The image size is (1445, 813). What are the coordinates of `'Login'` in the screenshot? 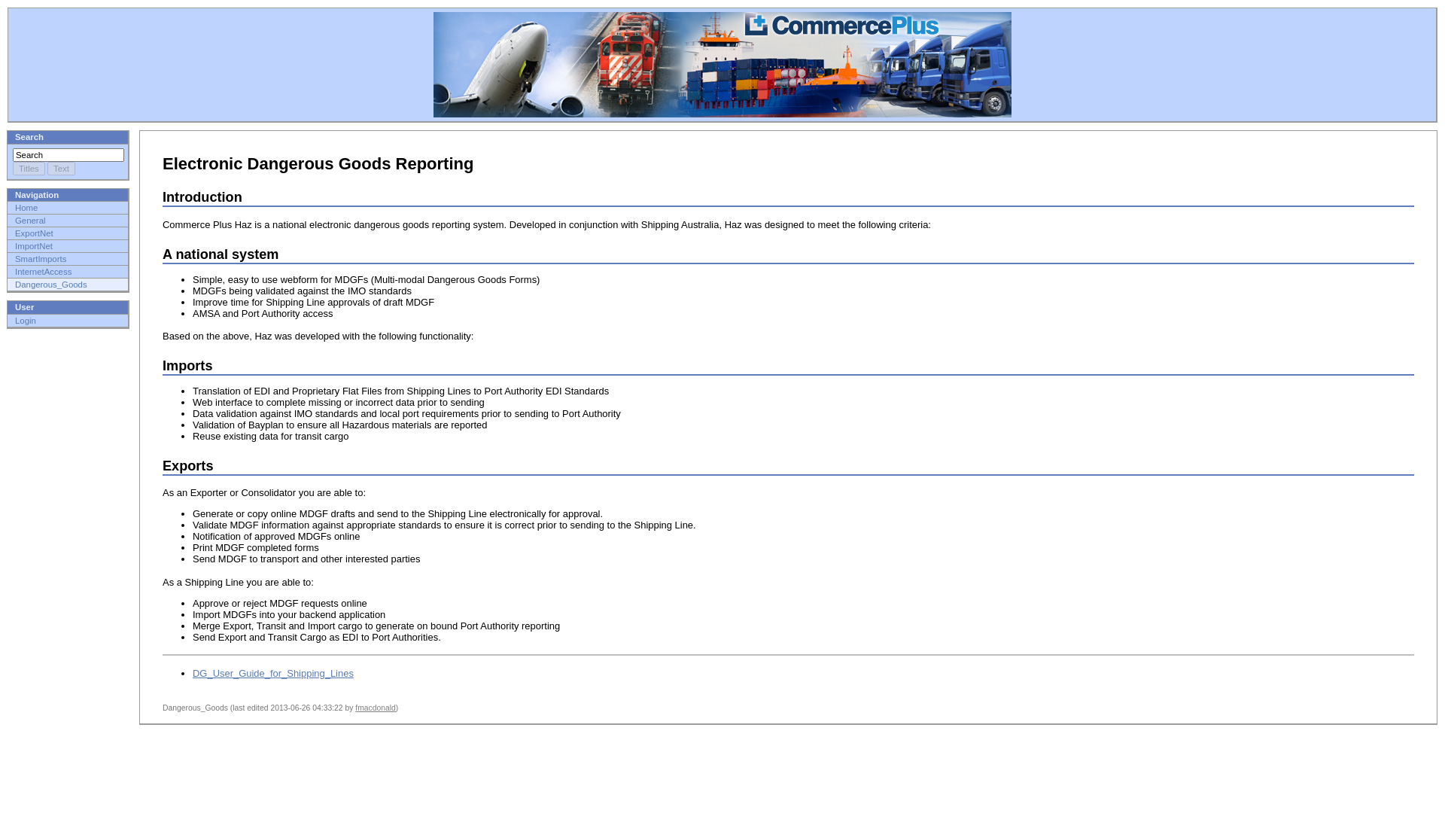 It's located at (14, 319).